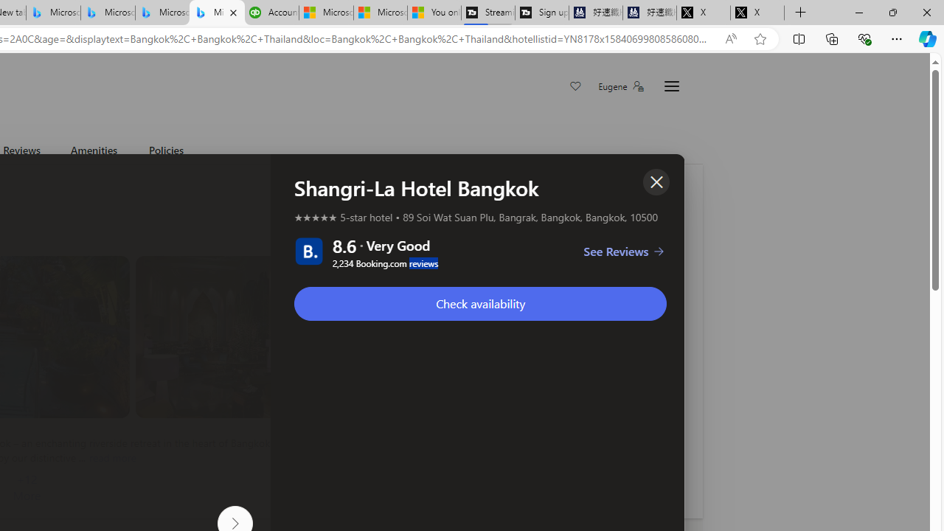 This screenshot has width=944, height=531. I want to click on 'Accounting Software for Accountants, CPAs and Bookkeepers', so click(271, 13).